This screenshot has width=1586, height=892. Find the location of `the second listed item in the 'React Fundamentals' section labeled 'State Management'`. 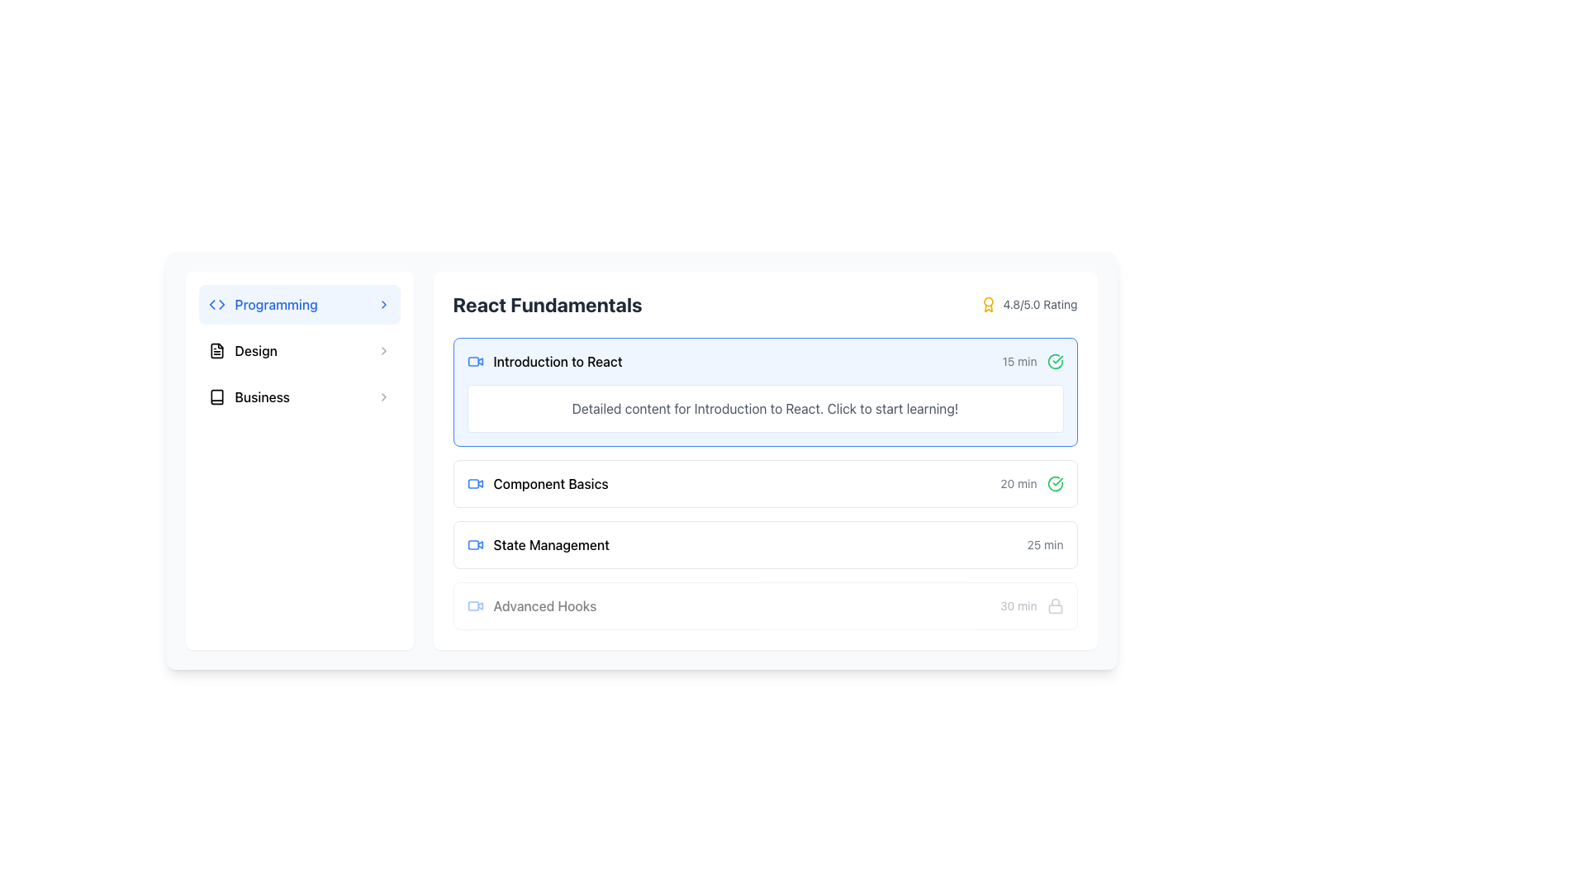

the second listed item in the 'React Fundamentals' section labeled 'State Management' is located at coordinates (764, 544).